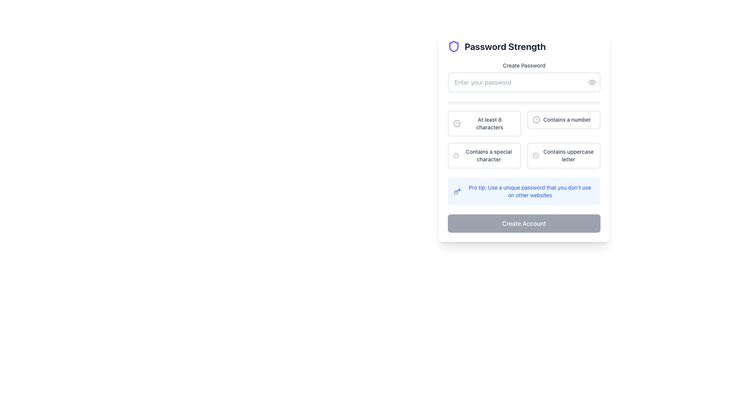  I want to click on the informational box that contains the text 'Contains a number' and the exclamation mark icon for additional clues, so click(564, 119).